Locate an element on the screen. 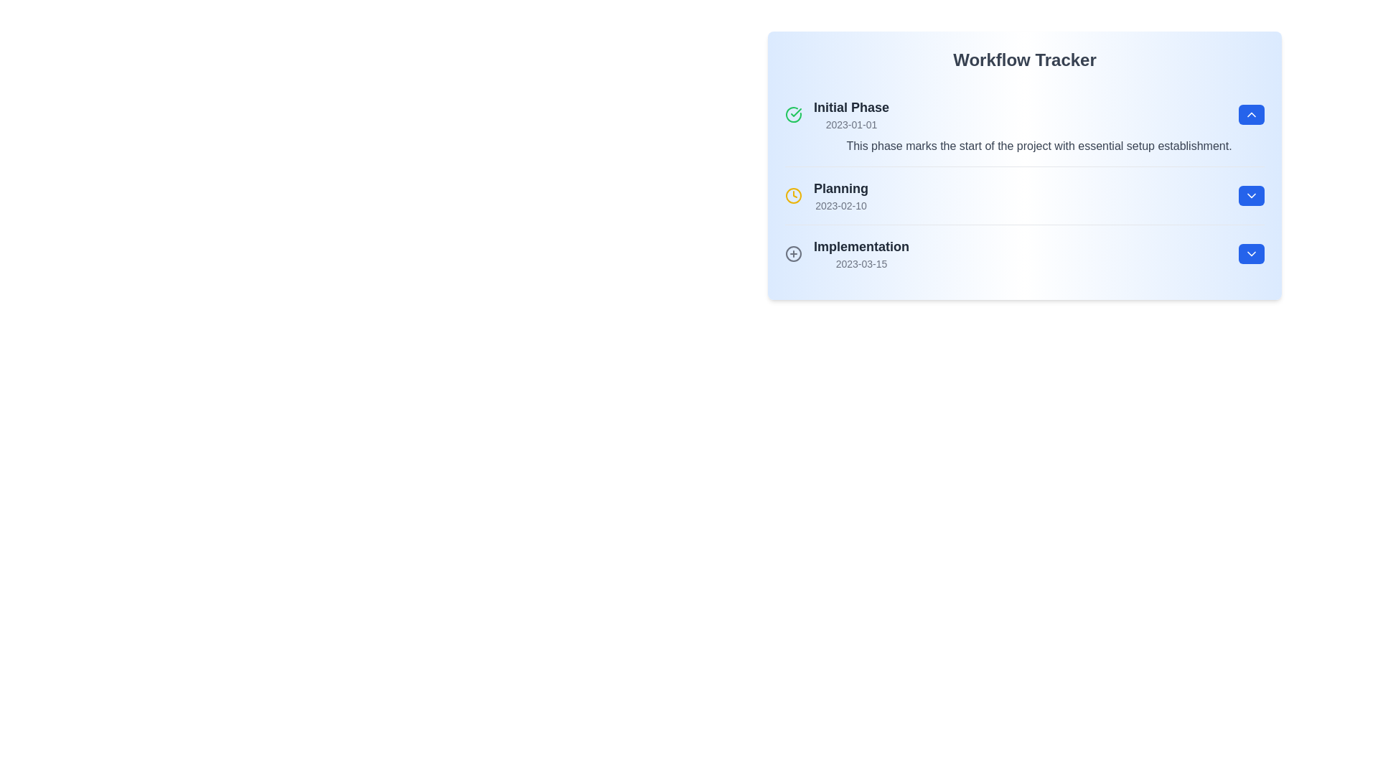 The height and width of the screenshot is (775, 1378). the SVG graphical component located at the center of the 'Implementation' section within the workflow-like UI, adjacent to the text 'Implementation' and the date '2023-03-15' is located at coordinates (792, 253).